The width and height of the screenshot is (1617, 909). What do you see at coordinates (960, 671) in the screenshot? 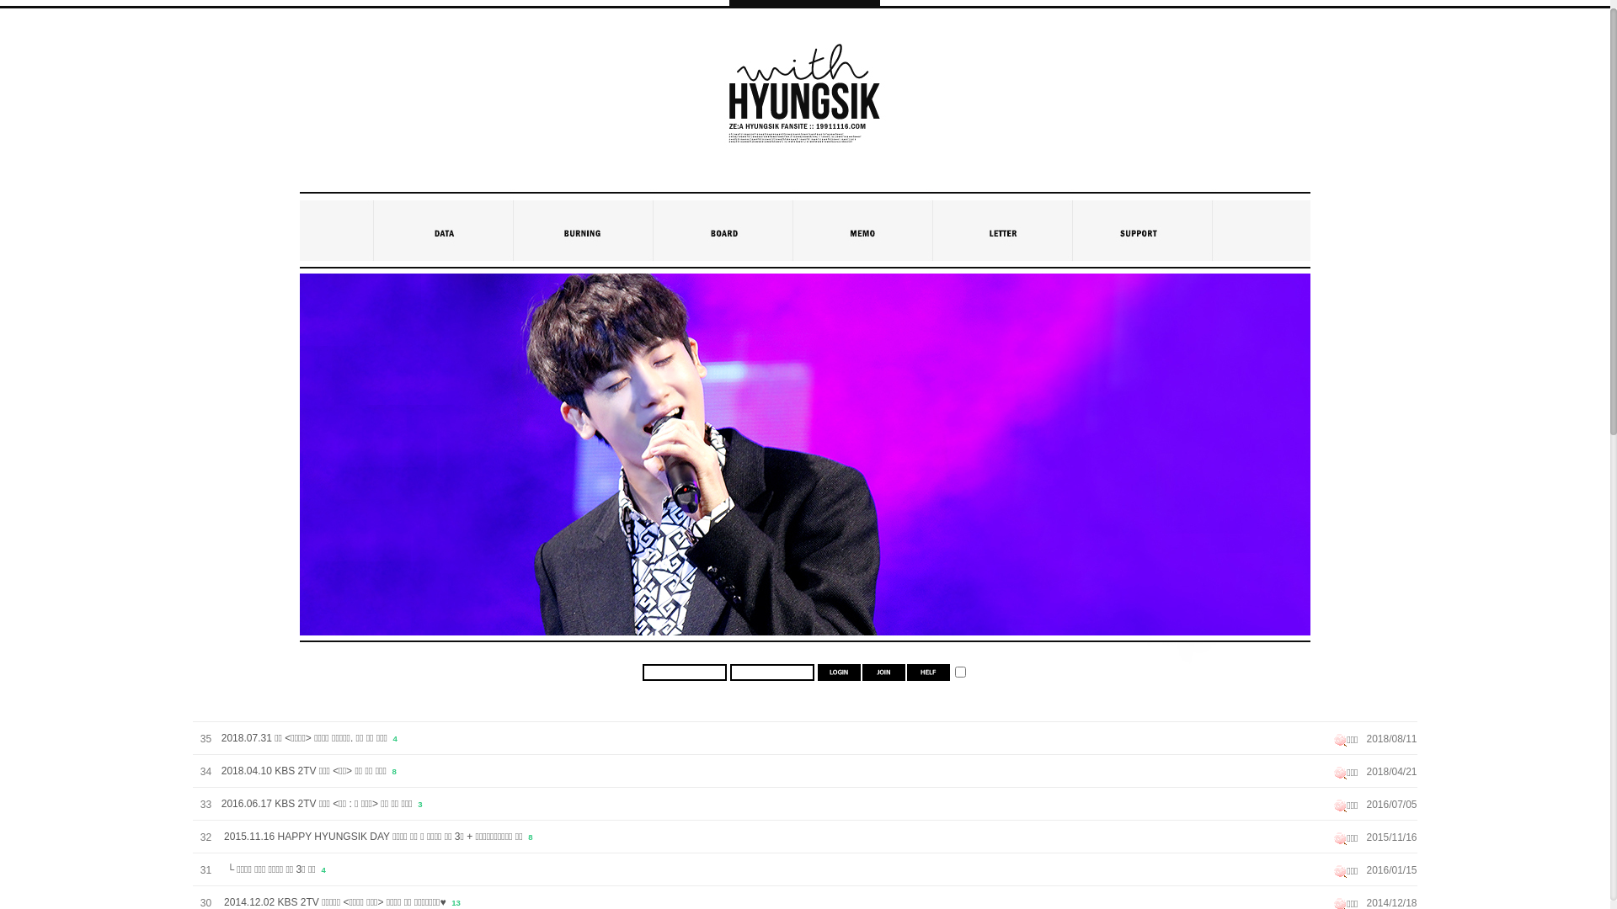
I see `'1'` at bounding box center [960, 671].